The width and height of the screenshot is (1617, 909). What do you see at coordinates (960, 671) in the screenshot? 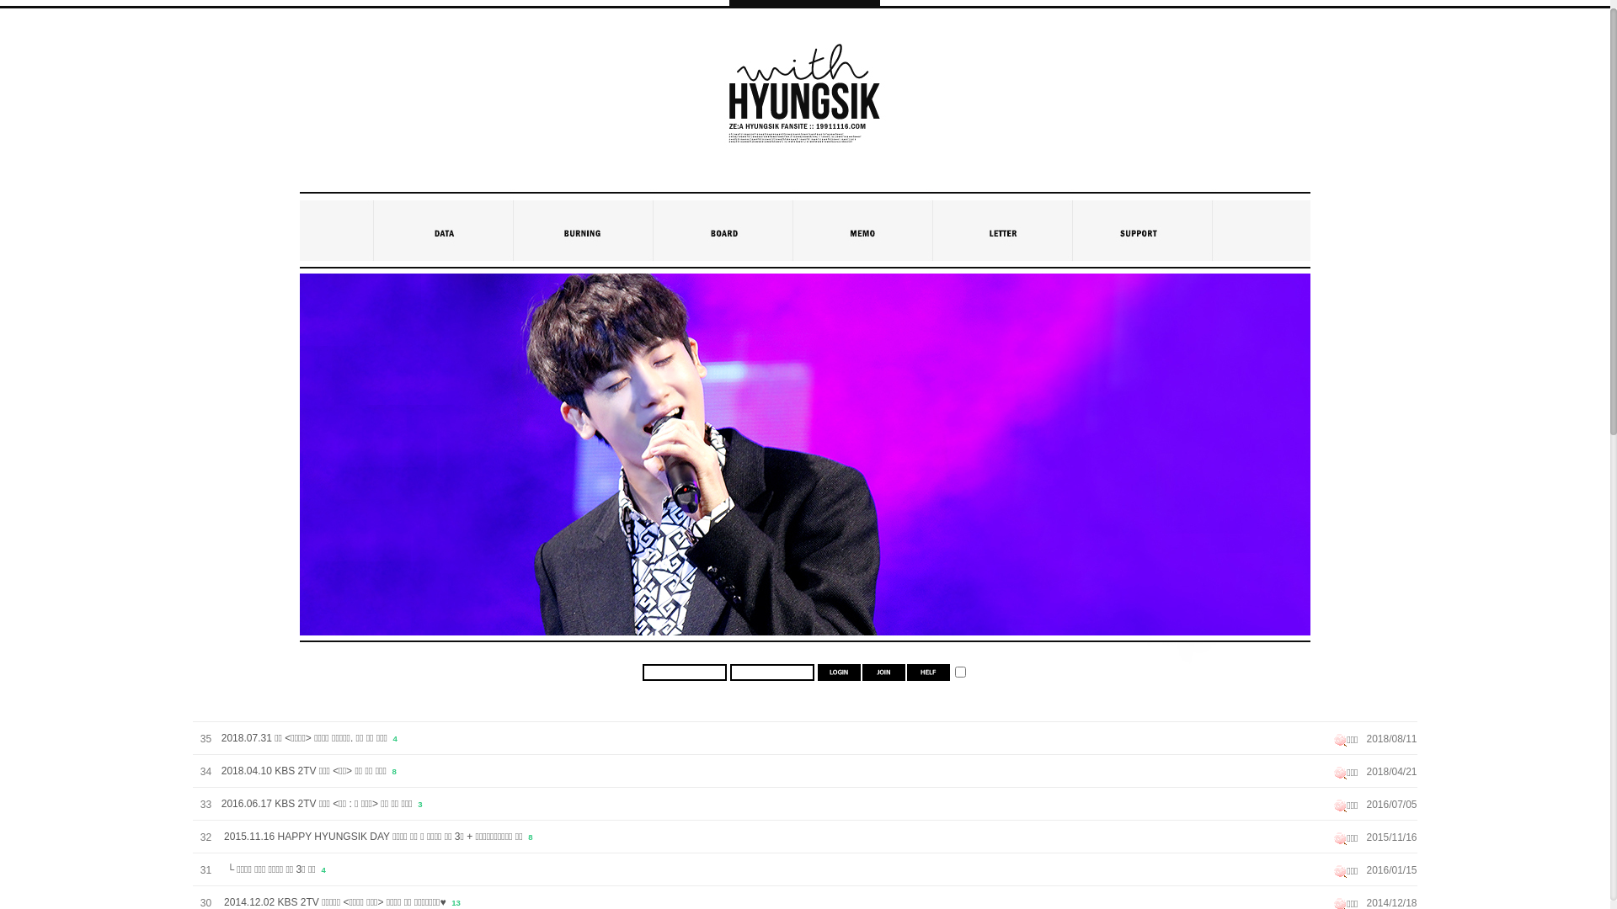
I see `'1'` at bounding box center [960, 671].